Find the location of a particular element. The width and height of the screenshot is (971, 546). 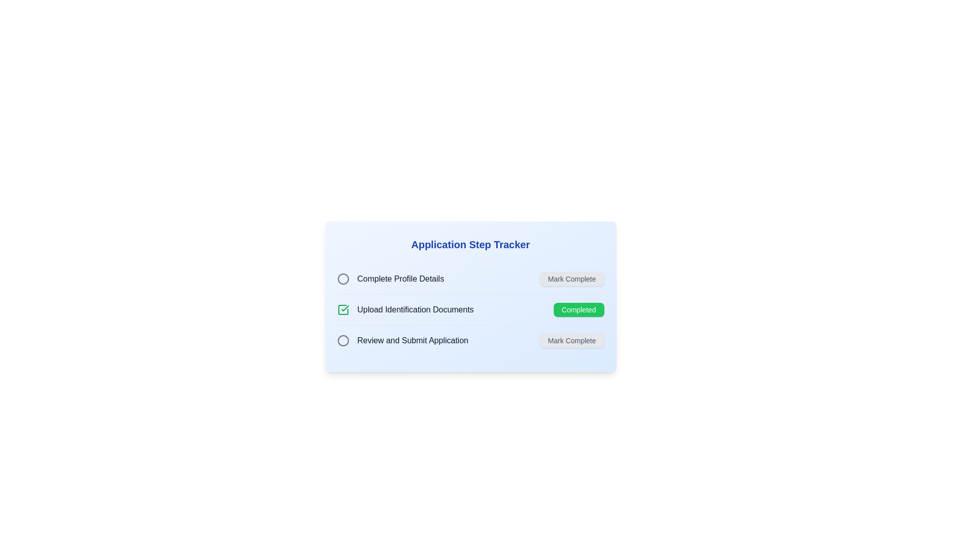

the Indicator icon, which is the first component in its row, located to the left of the text 'Review and Submit Application' in the Application Step Tracker is located at coordinates (343, 341).